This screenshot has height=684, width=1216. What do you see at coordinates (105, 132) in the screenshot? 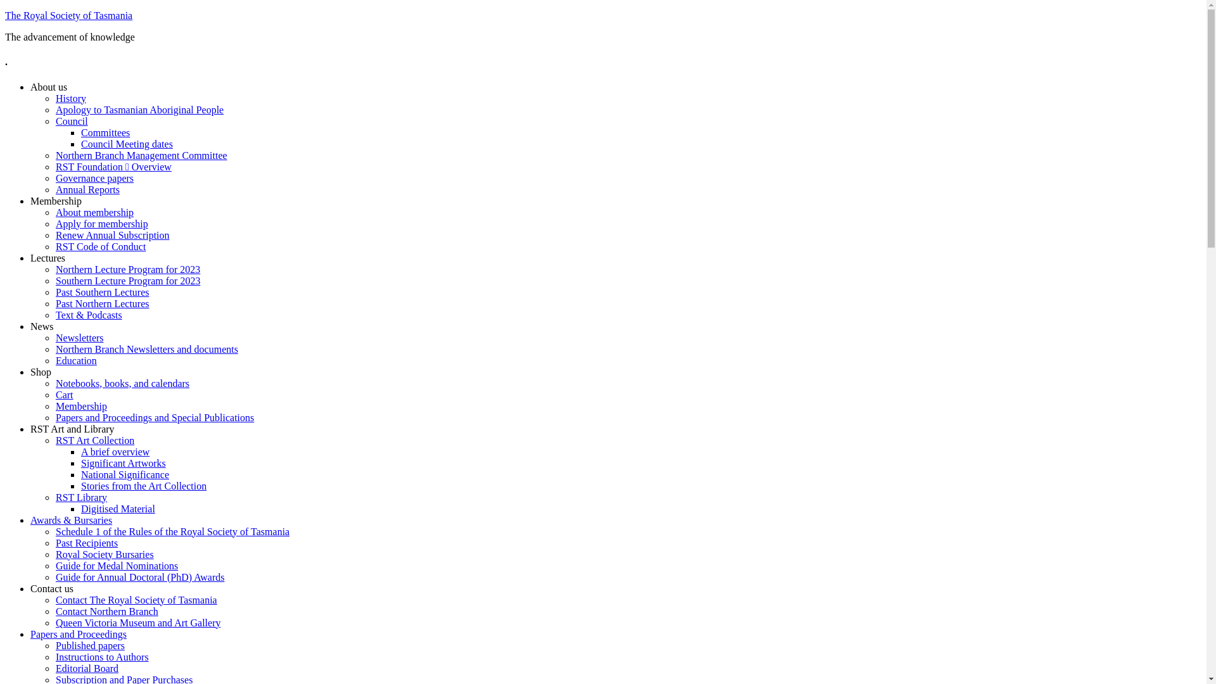
I see `'Committees'` at bounding box center [105, 132].